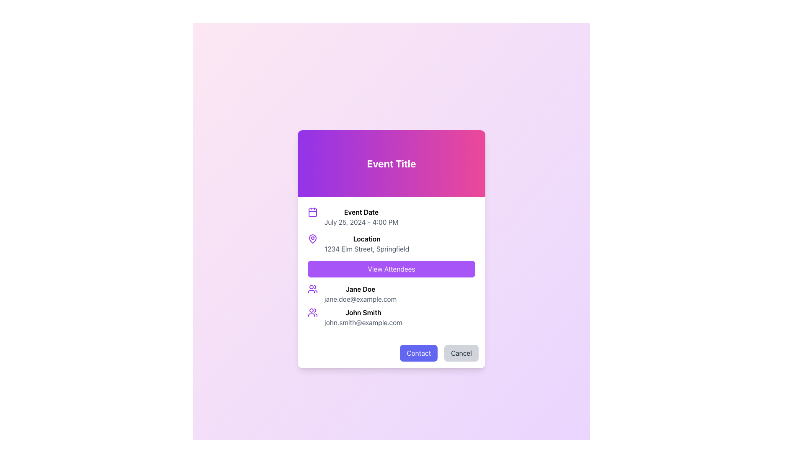 The image size is (804, 452). Describe the element at coordinates (367, 239) in the screenshot. I see `the 'Location' text label, which is styled in bold and is positioned centrally in the modal, directly below the 'Event Date' section` at that location.